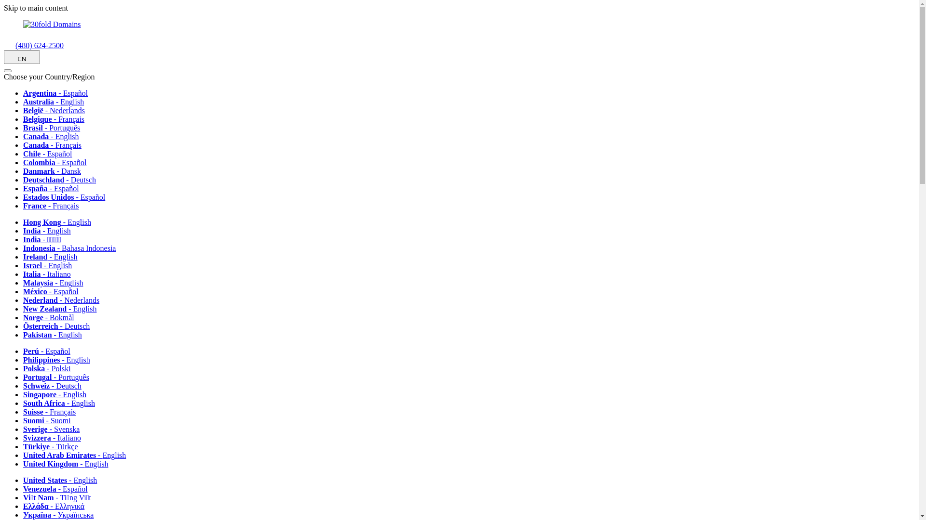 The height and width of the screenshot is (520, 926). Describe the element at coordinates (62, 180) in the screenshot. I see `'Deutschland - Deutsch'` at that location.